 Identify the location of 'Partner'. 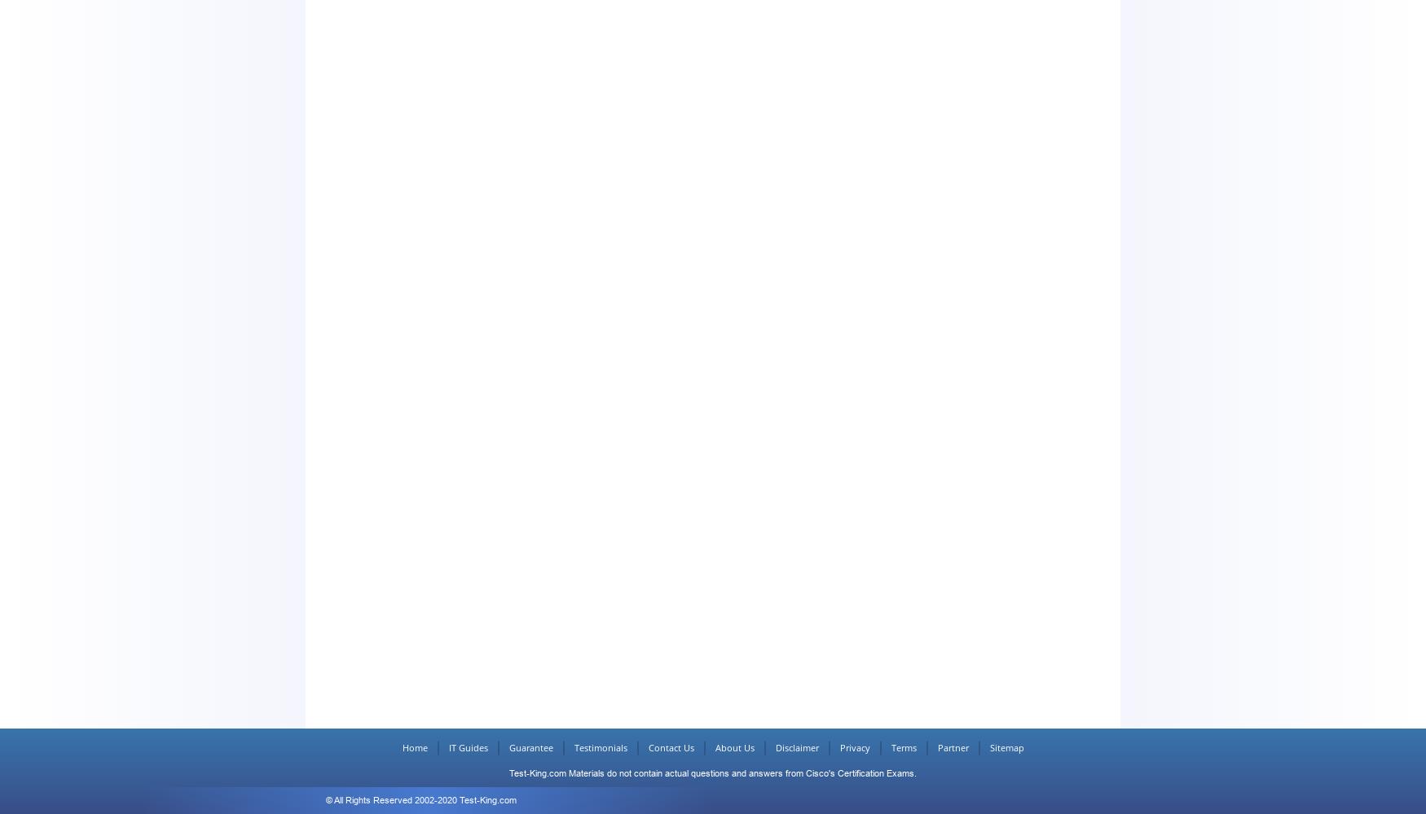
(952, 747).